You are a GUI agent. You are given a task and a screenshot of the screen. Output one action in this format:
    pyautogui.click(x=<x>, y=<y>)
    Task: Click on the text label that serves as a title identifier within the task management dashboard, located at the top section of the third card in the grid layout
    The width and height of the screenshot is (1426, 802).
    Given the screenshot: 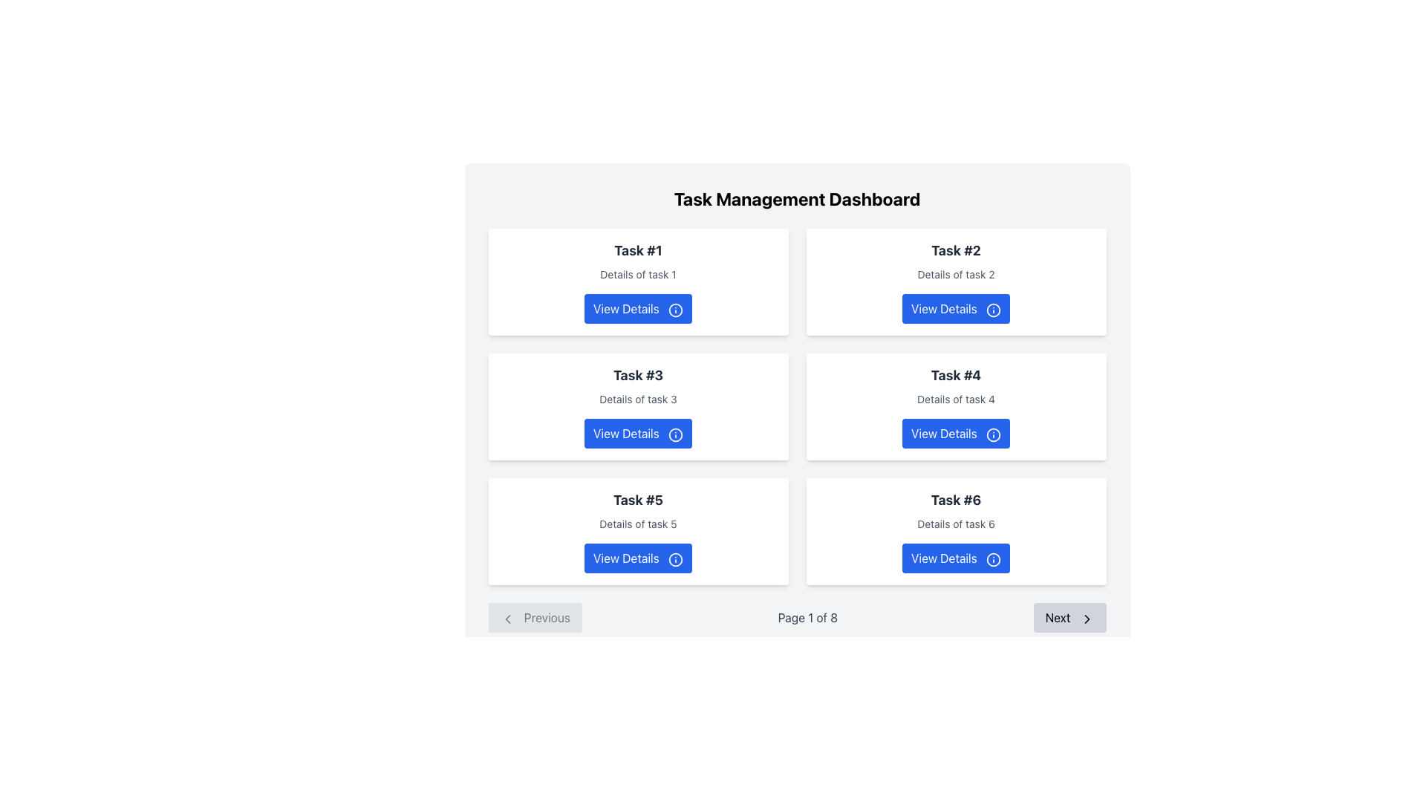 What is the action you would take?
    pyautogui.click(x=638, y=374)
    